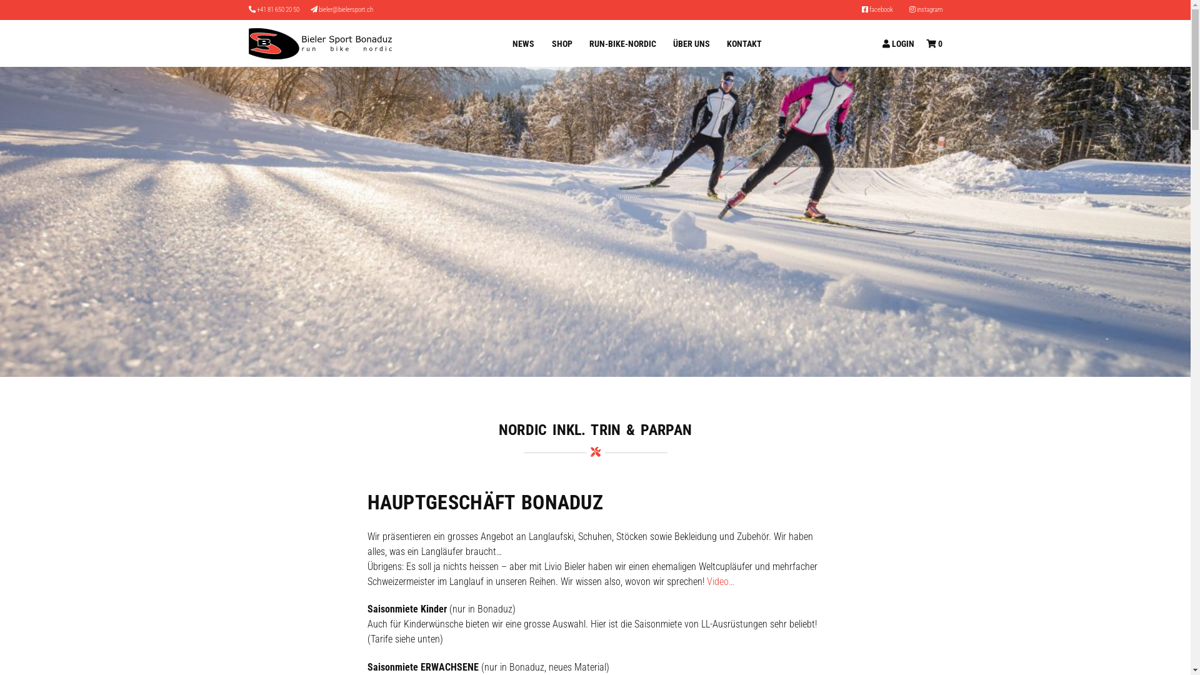 The height and width of the screenshot is (675, 1200). Describe the element at coordinates (934, 42) in the screenshot. I see `'0'` at that location.